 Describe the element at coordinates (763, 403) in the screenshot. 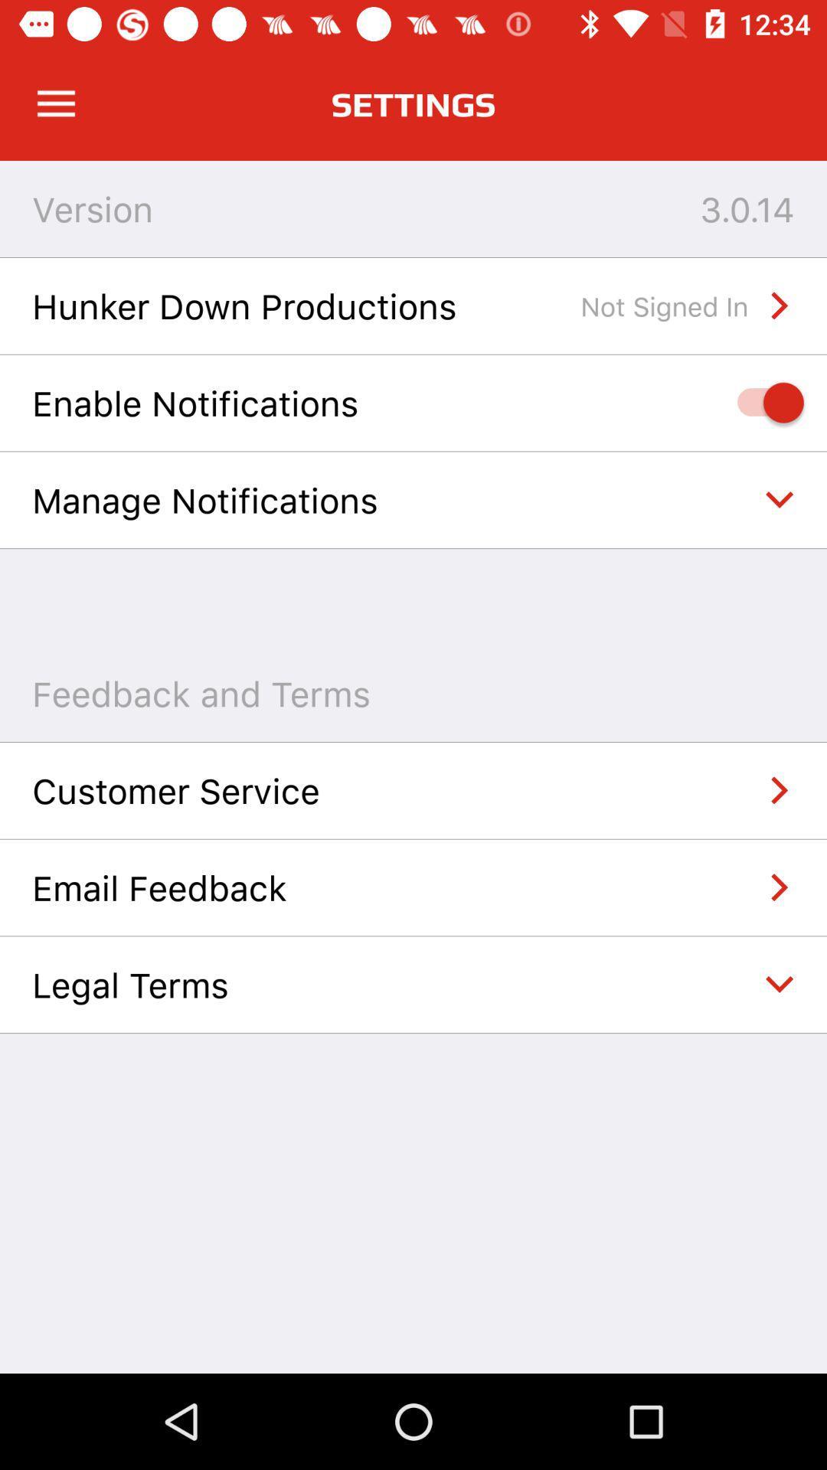

I see `switch enable notification option` at that location.